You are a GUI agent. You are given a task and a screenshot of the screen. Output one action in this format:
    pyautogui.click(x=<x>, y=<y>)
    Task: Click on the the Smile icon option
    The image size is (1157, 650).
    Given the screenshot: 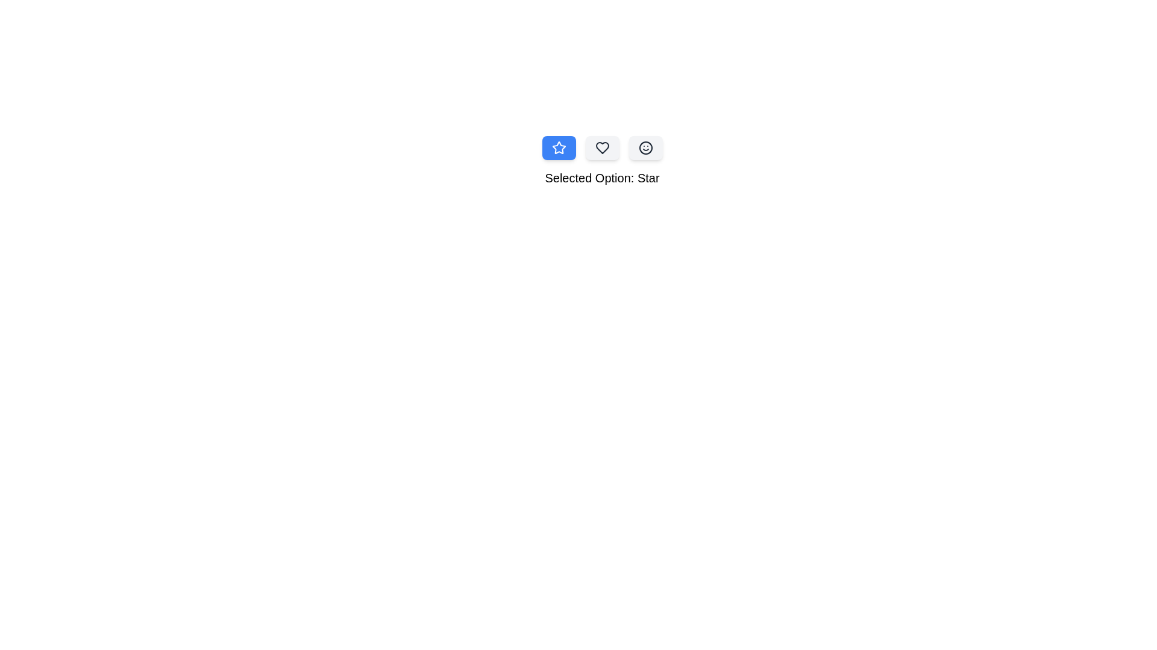 What is the action you would take?
    pyautogui.click(x=645, y=147)
    